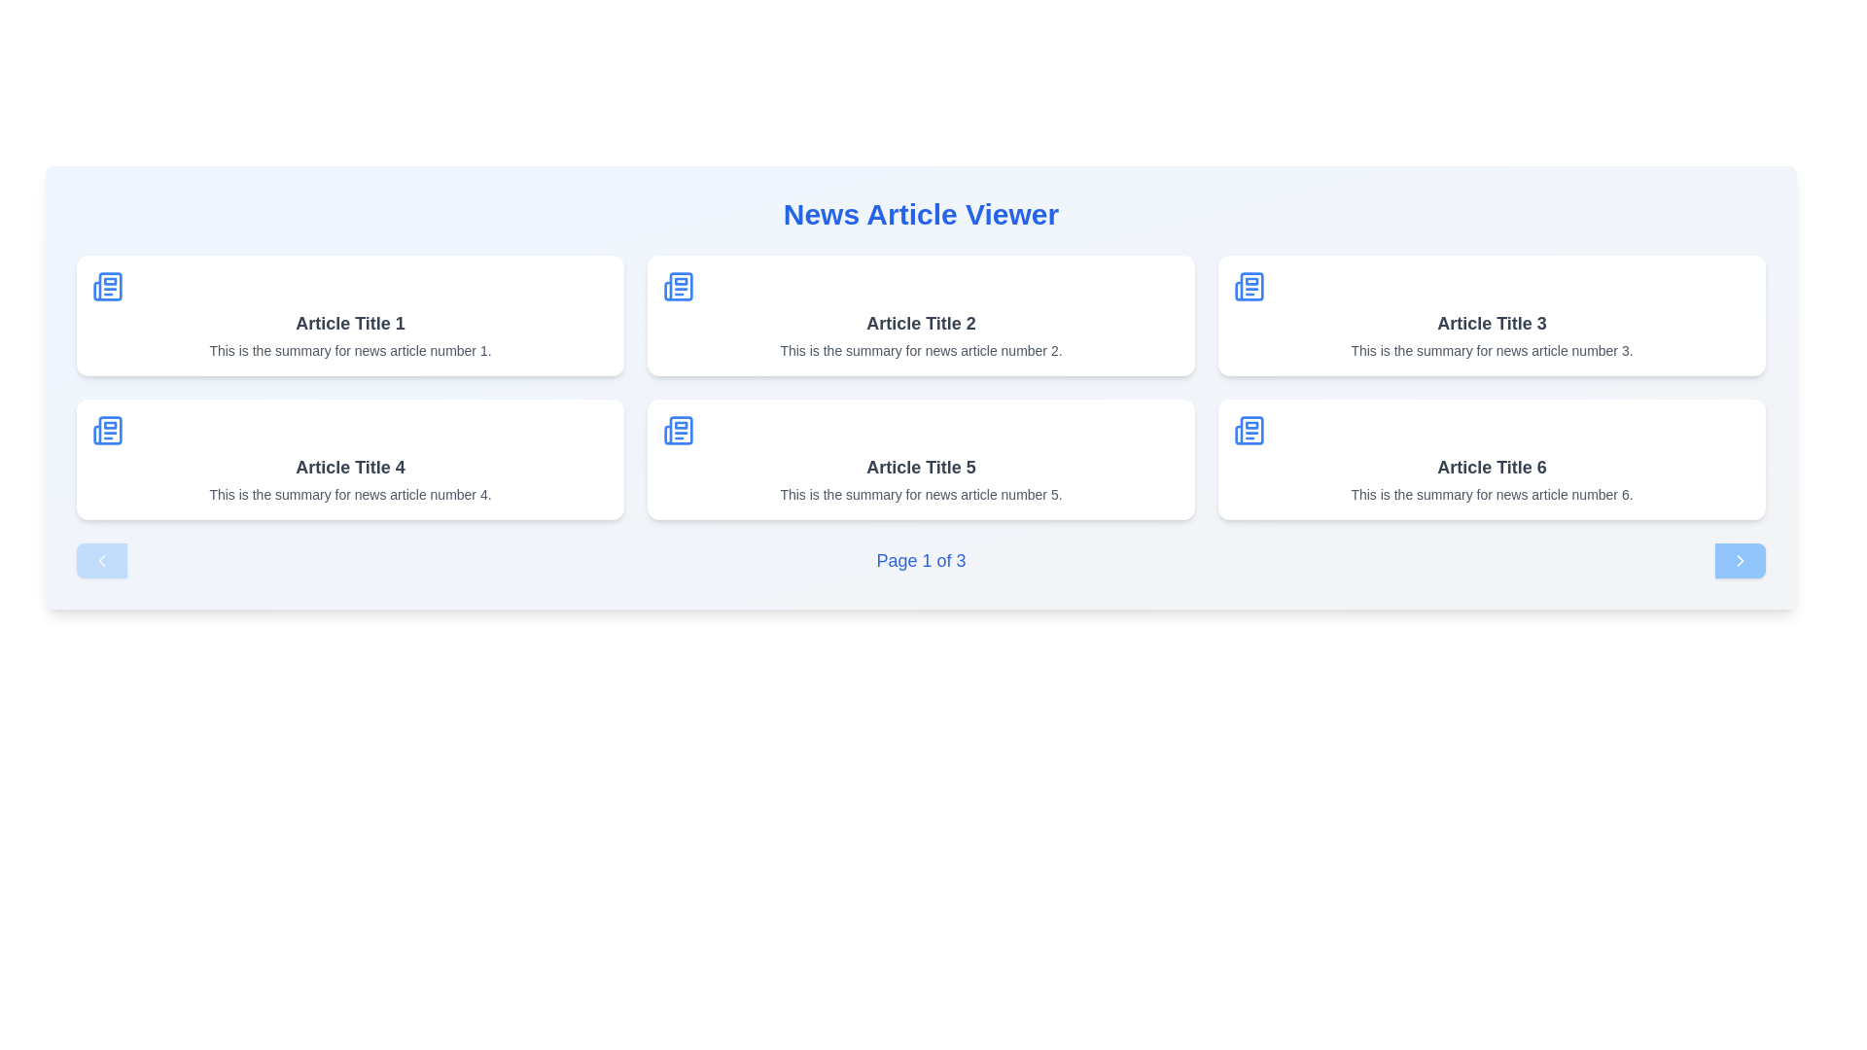 The image size is (1867, 1050). I want to click on the blue newspaper icon located in the top-left corner of the card for 'Article Title 4', which is positioned in the second row, first column of the grid layout, so click(106, 430).